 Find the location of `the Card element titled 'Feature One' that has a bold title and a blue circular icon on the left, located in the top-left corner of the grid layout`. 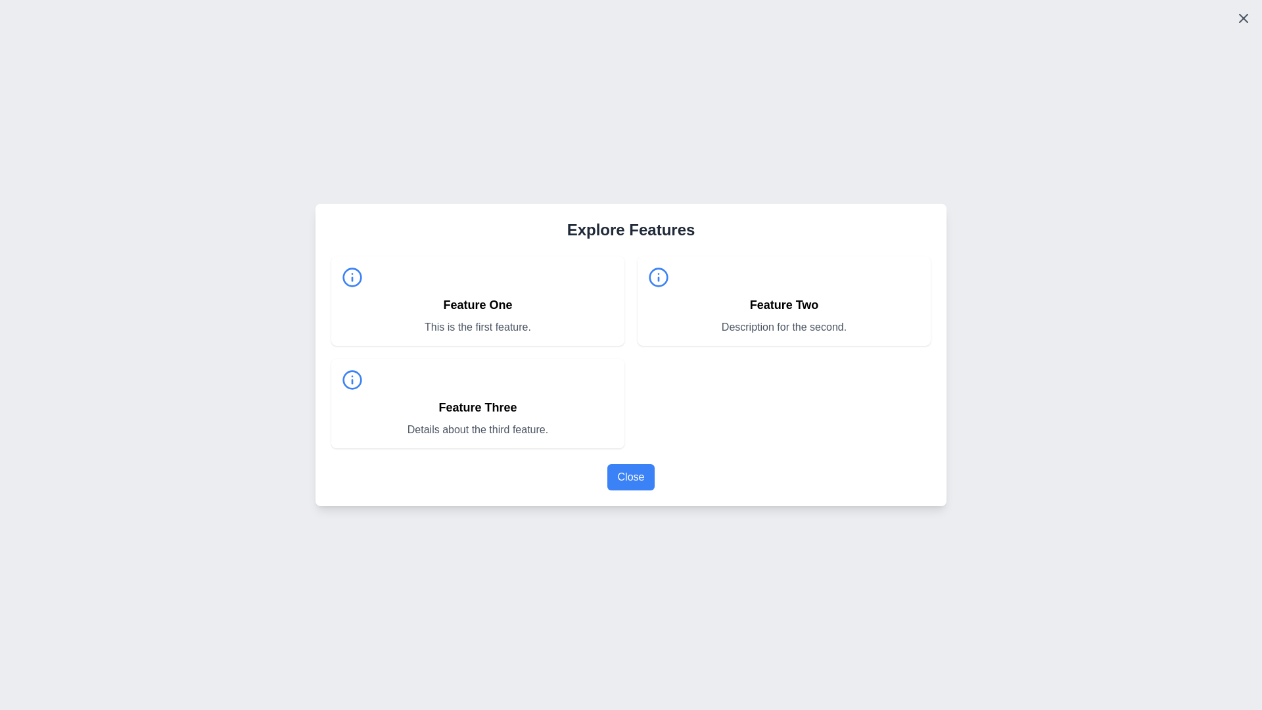

the Card element titled 'Feature One' that has a bold title and a blue circular icon on the left, located in the top-left corner of the grid layout is located at coordinates (477, 301).